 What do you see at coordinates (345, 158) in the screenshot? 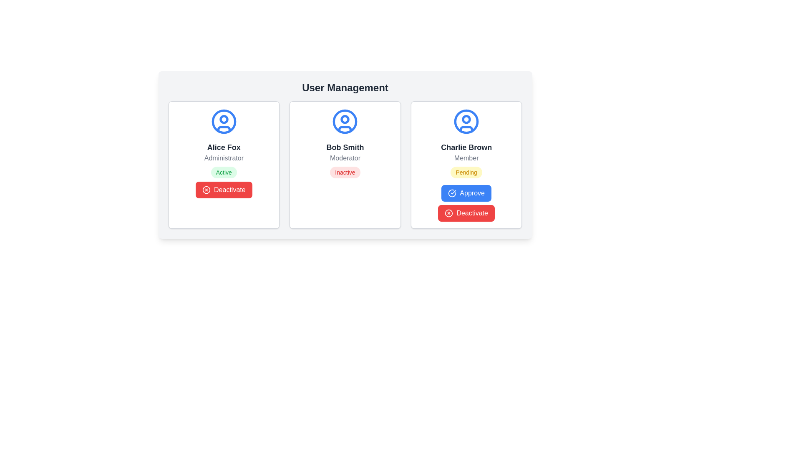
I see `the text label 'Moderator' which is styled with a gray font color, located below 'Bob Smith' and above the 'Inactive' status indicator in the middle card of a three-card layout` at bounding box center [345, 158].